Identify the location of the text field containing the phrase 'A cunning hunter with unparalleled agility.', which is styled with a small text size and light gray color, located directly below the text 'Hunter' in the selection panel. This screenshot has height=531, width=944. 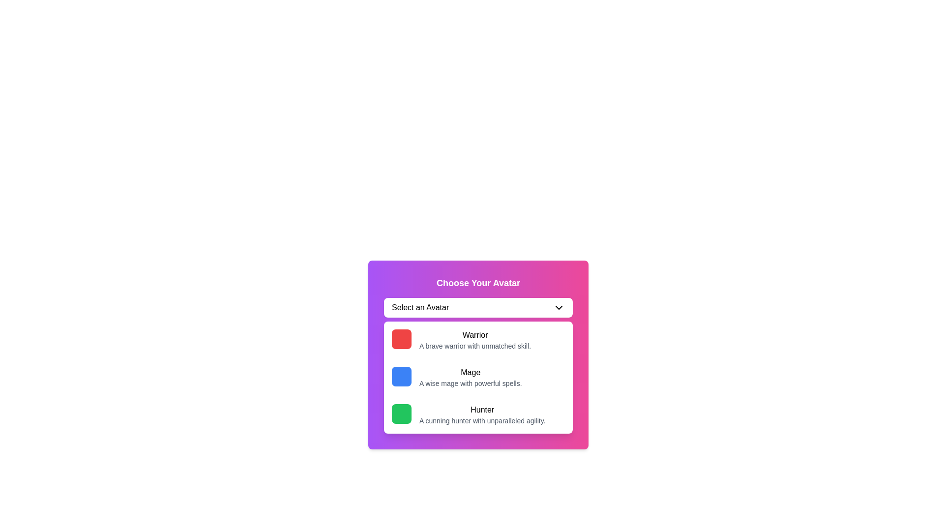
(482, 420).